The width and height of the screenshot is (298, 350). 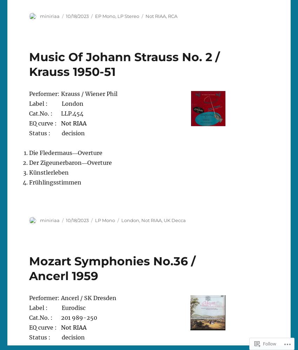 What do you see at coordinates (130, 219) in the screenshot?
I see `'London'` at bounding box center [130, 219].